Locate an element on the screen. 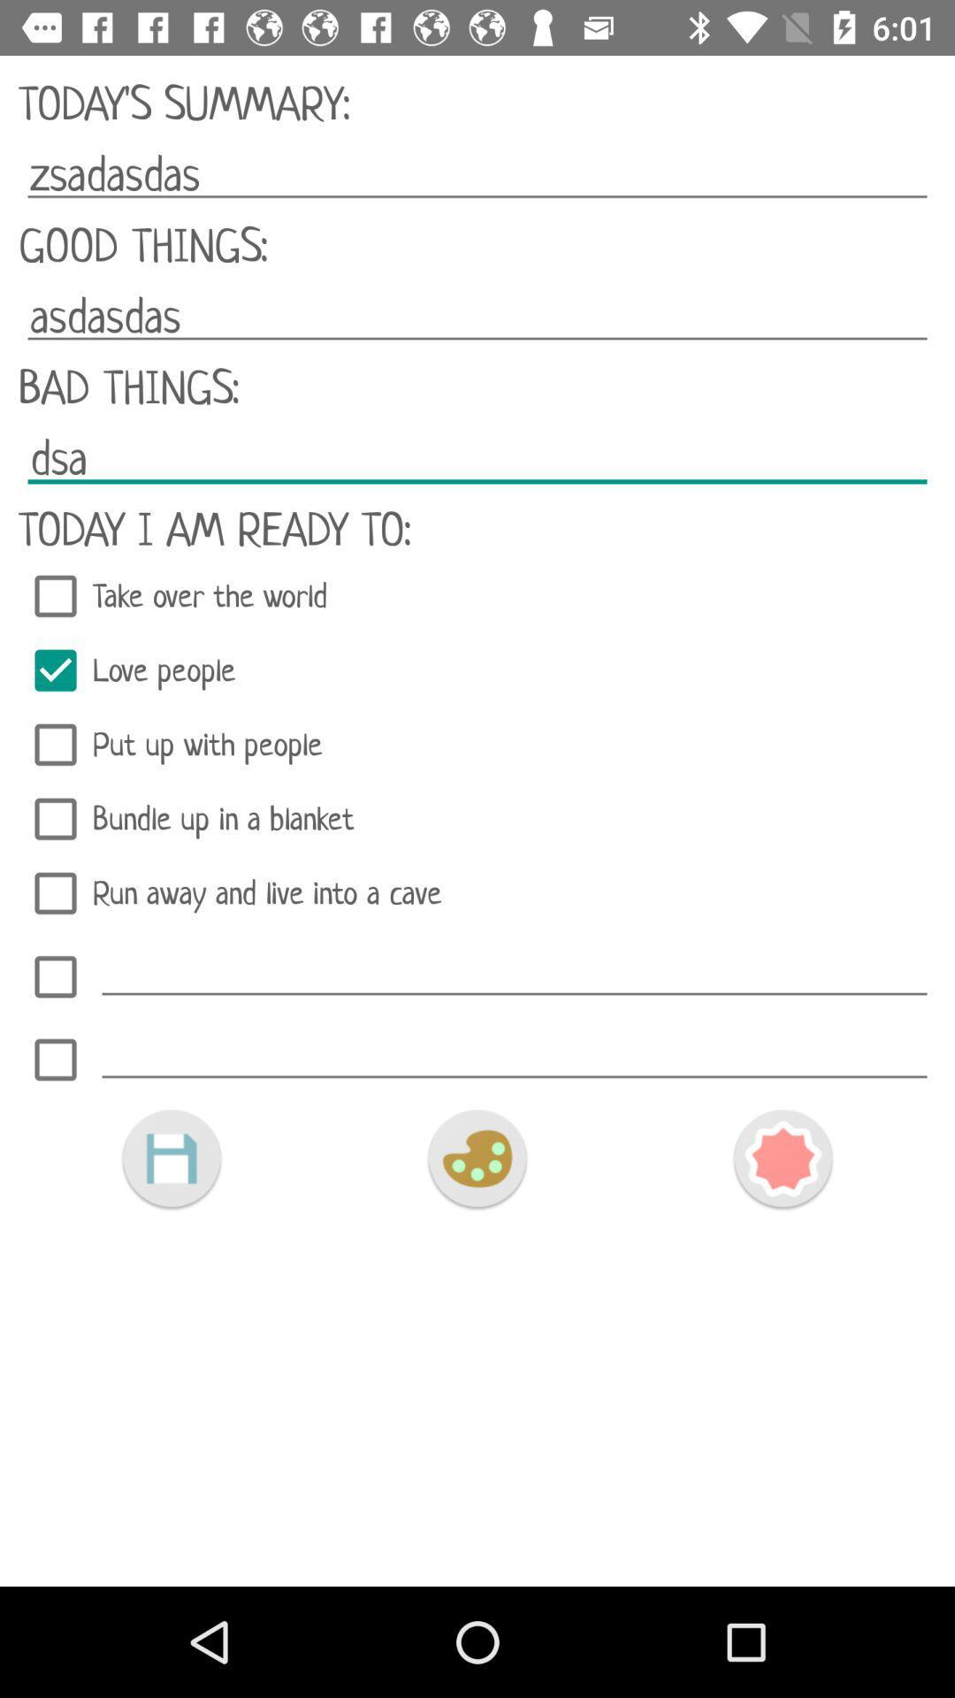 This screenshot has width=955, height=1698. choose added item is located at coordinates (54, 1059).